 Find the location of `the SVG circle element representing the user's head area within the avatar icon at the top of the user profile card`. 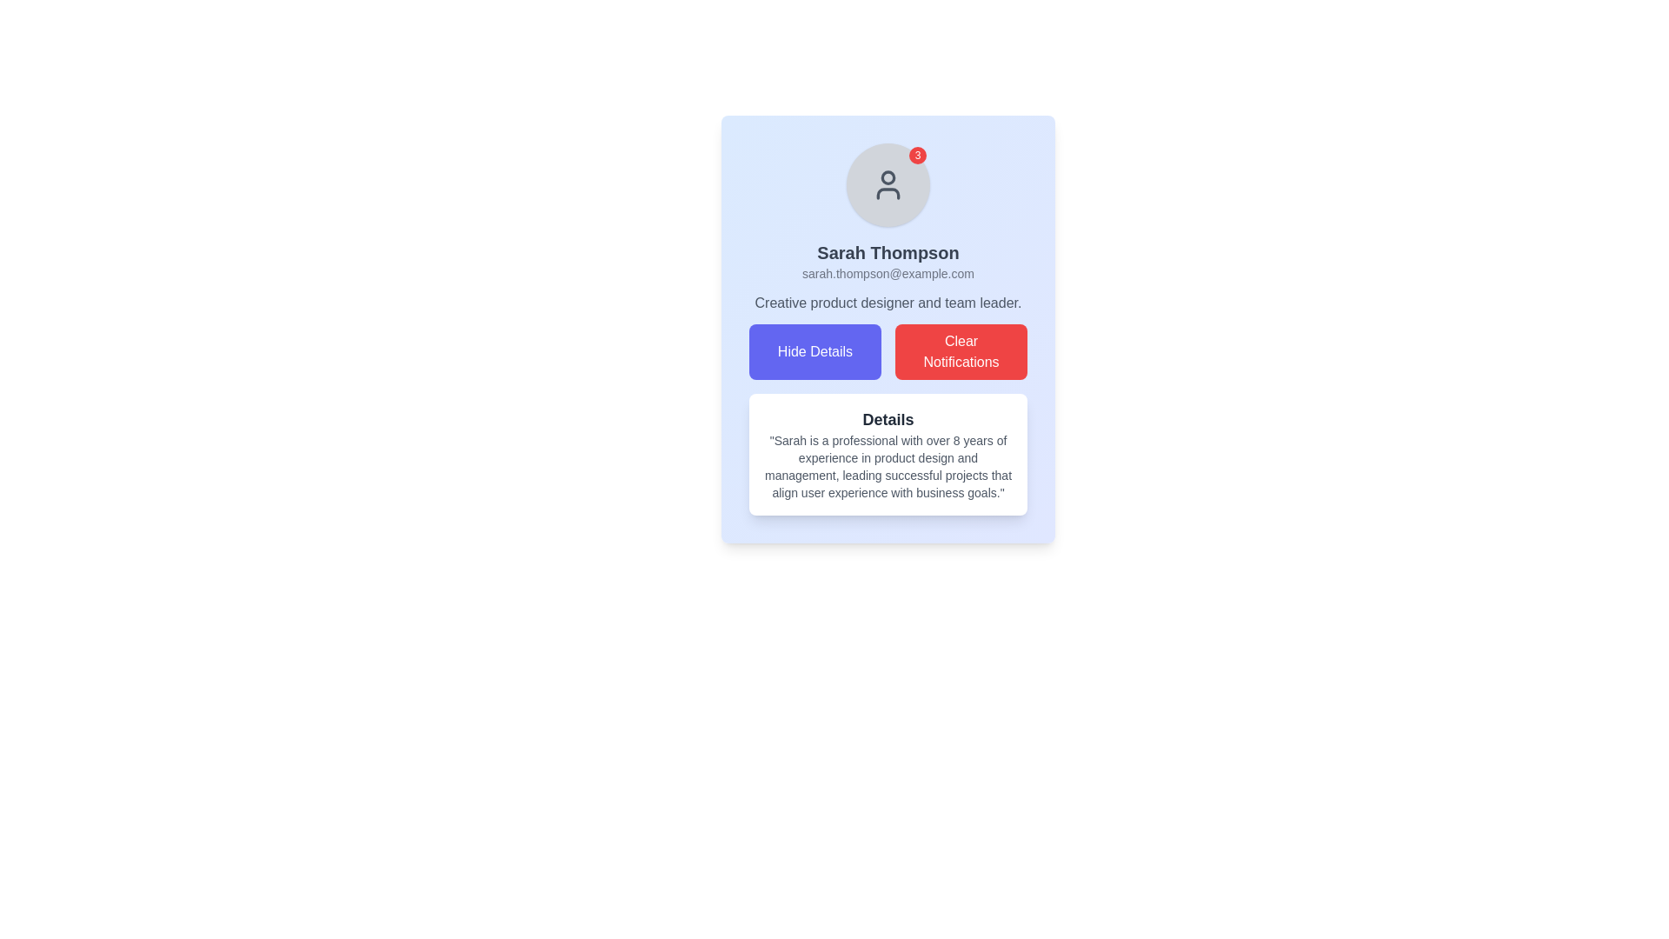

the SVG circle element representing the user's head area within the avatar icon at the top of the user profile card is located at coordinates (888, 177).